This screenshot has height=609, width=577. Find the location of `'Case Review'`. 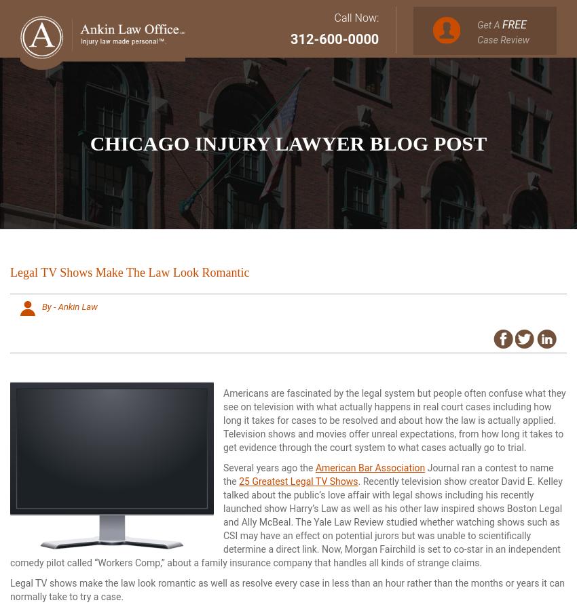

'Case Review' is located at coordinates (503, 39).